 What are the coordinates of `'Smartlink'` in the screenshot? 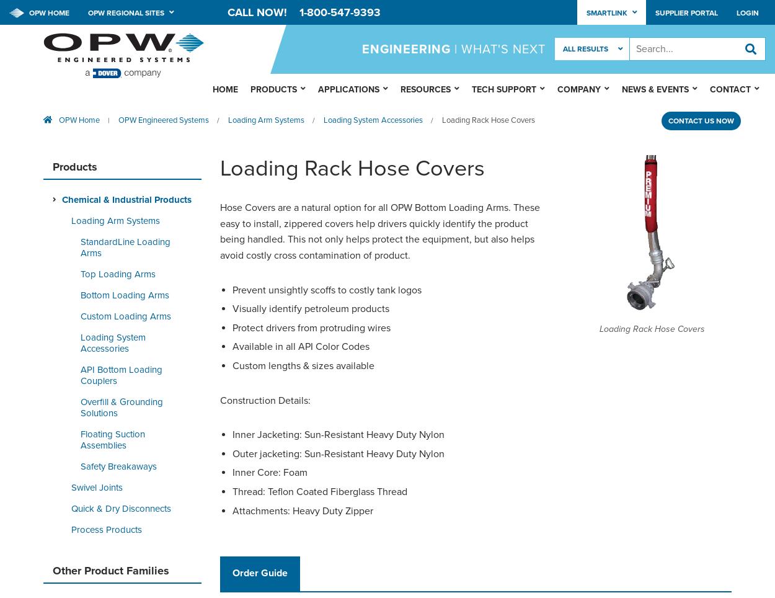 It's located at (606, 12).